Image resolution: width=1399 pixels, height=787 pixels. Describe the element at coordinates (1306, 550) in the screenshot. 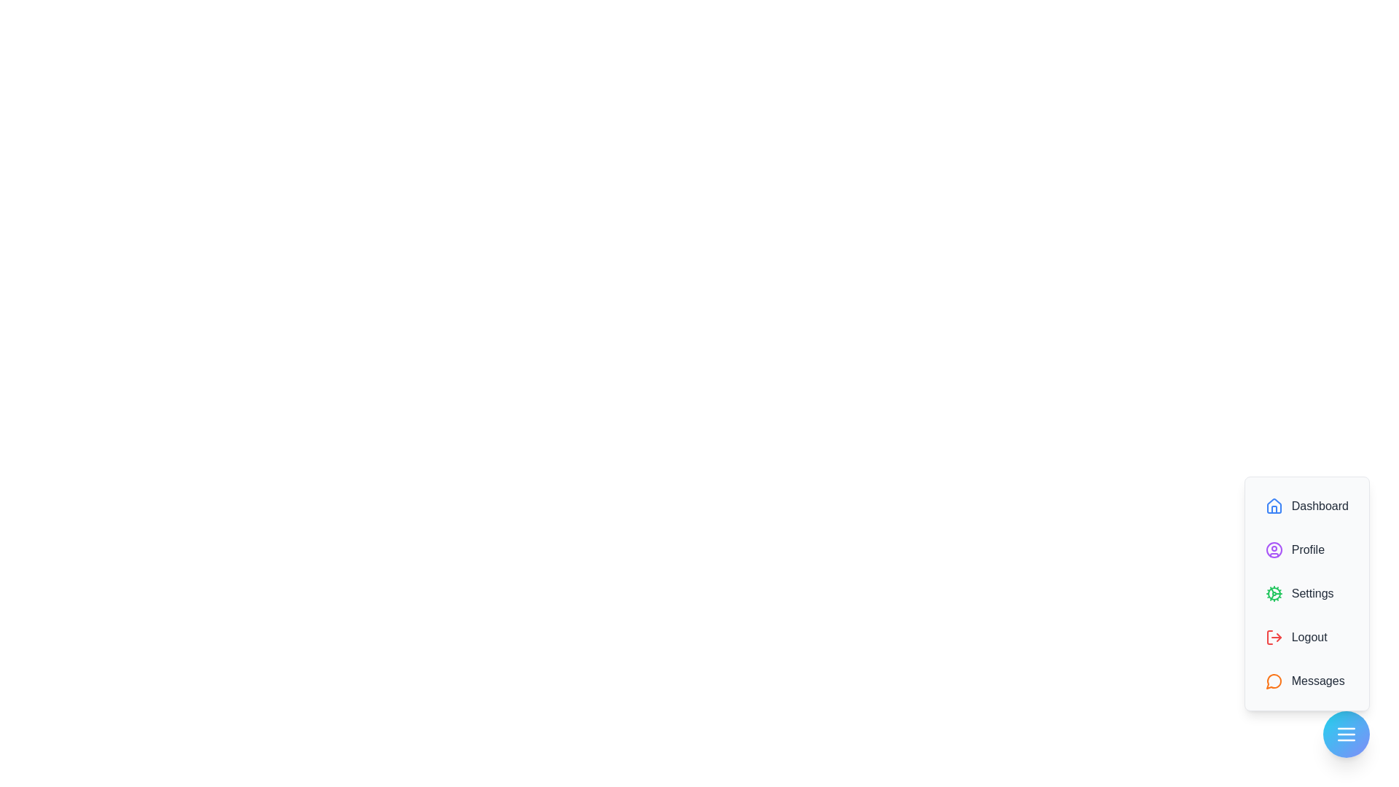

I see `the 'Profile' option in the menu` at that location.